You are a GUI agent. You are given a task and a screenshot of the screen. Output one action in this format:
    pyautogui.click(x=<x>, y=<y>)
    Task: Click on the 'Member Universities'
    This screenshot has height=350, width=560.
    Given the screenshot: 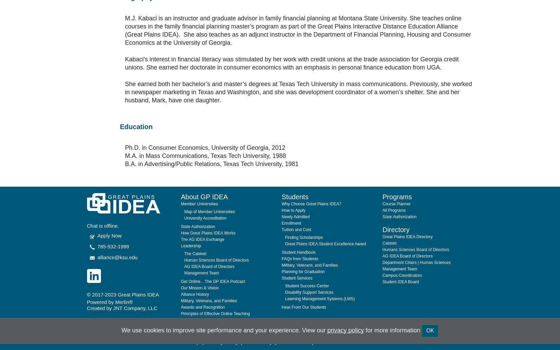 What is the action you would take?
    pyautogui.click(x=199, y=187)
    